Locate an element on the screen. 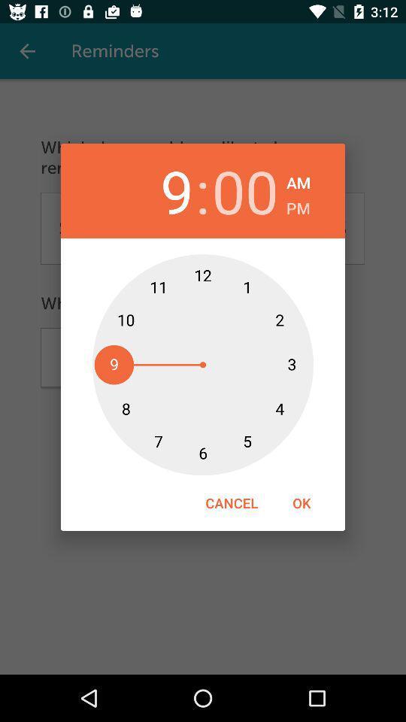  item to the left of the : is located at coordinates (159, 190).